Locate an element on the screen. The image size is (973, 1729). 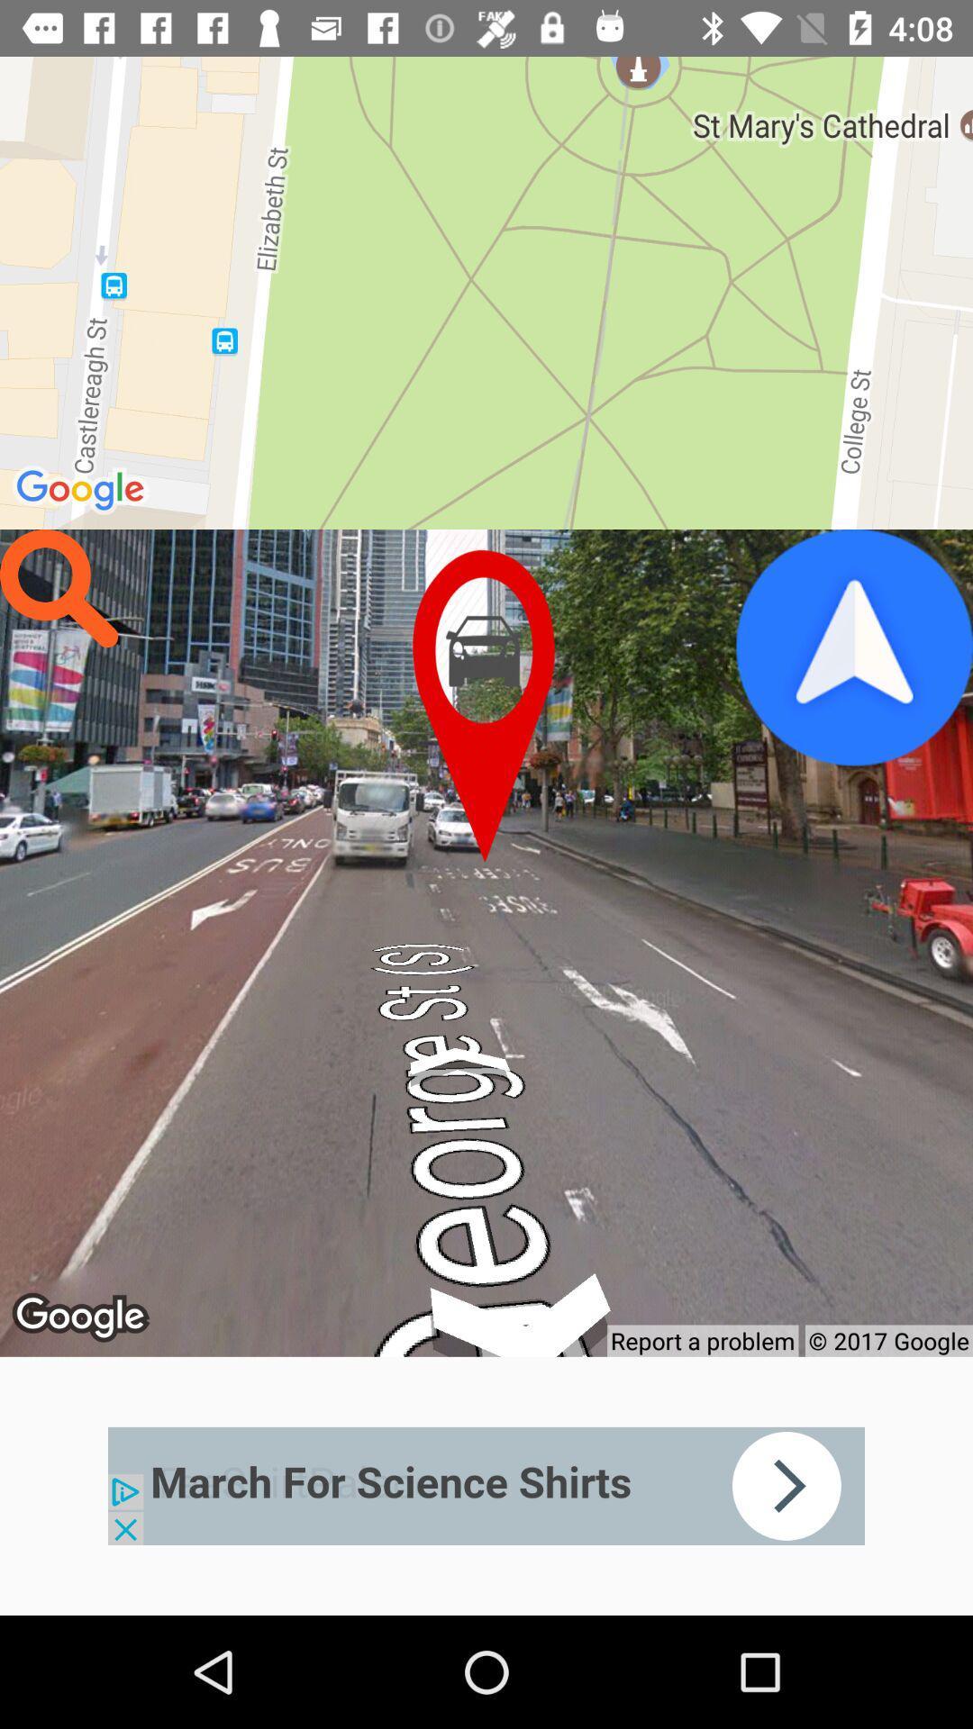
map page is located at coordinates (486, 705).